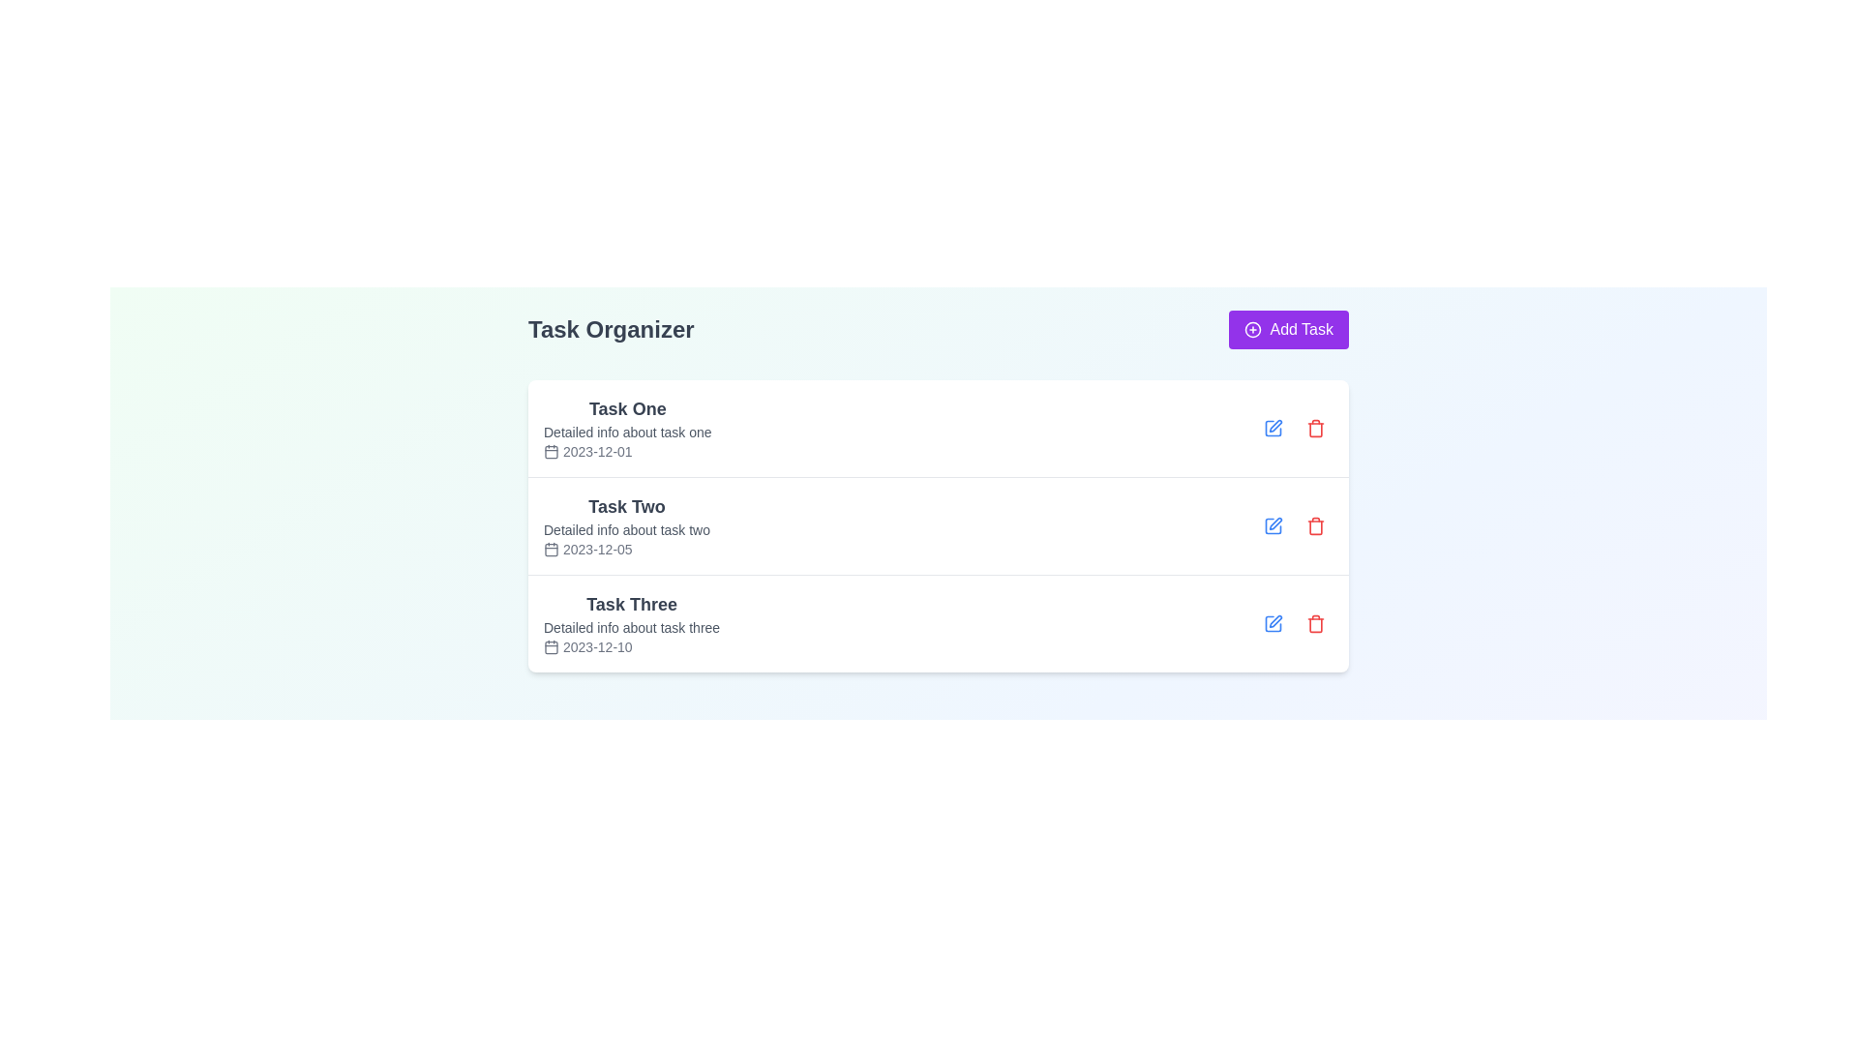  I want to click on text label that serves as the title for the first task in the list, positioned at the top of the task entry and aligned to the left, so click(627, 408).